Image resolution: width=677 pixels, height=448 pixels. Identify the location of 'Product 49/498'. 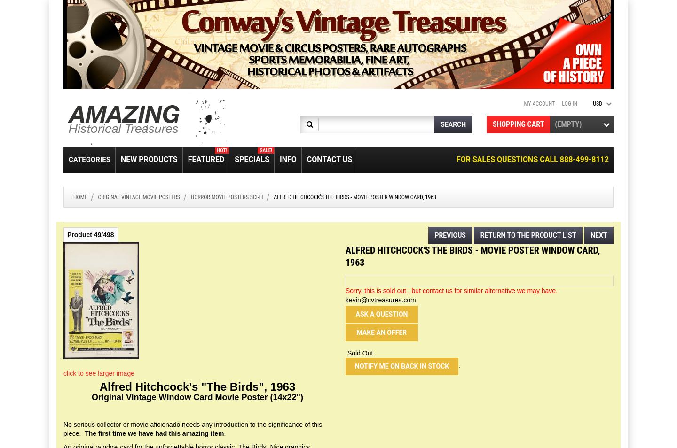
(90, 234).